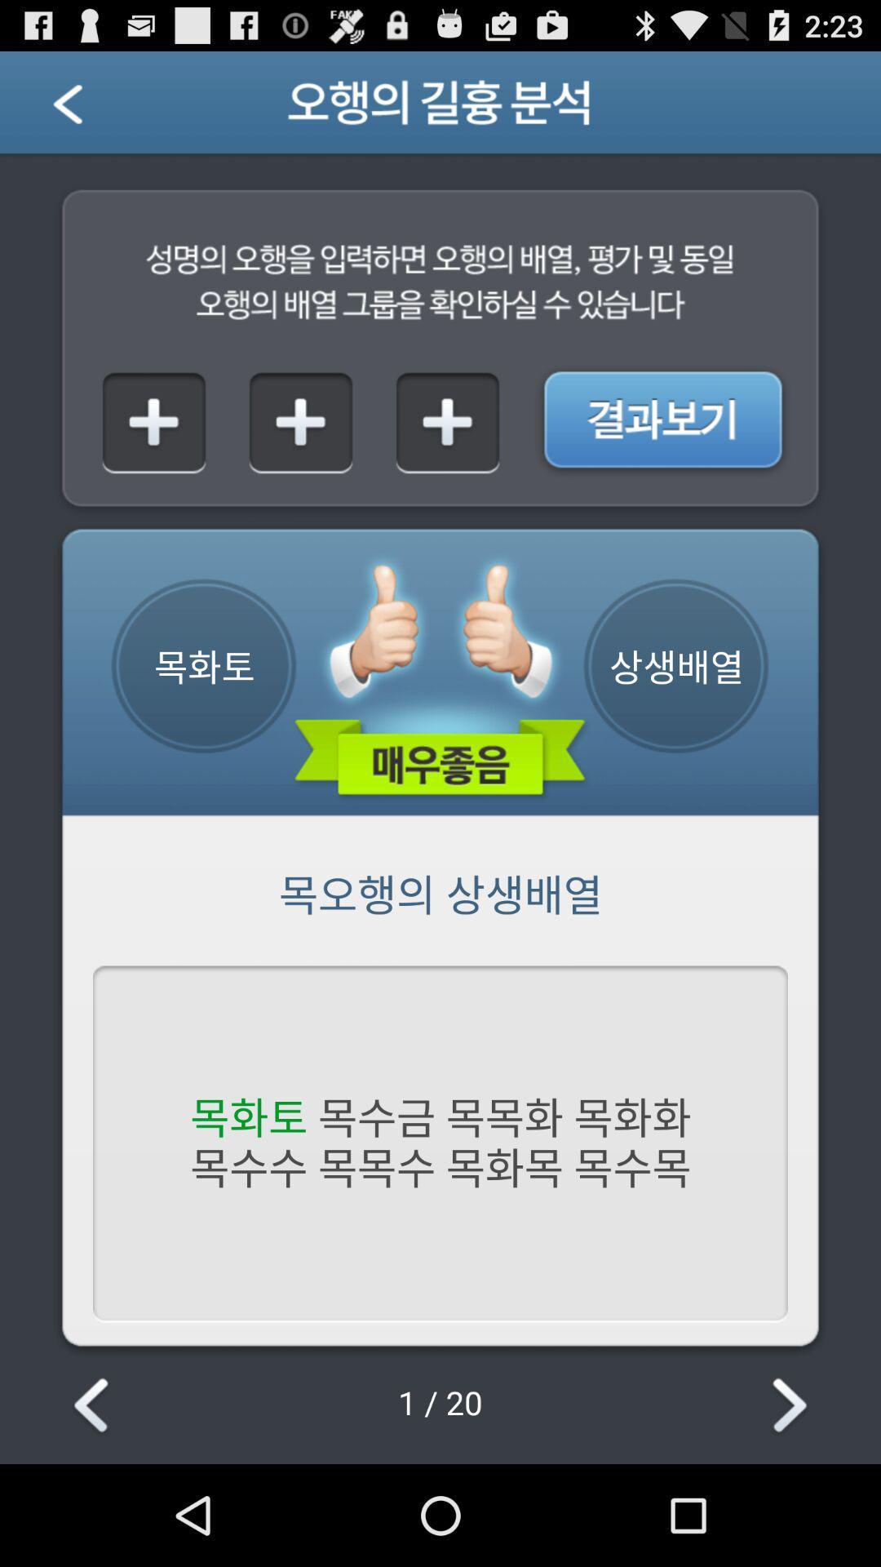 The width and height of the screenshot is (881, 1567). I want to click on go back, so click(88, 108).